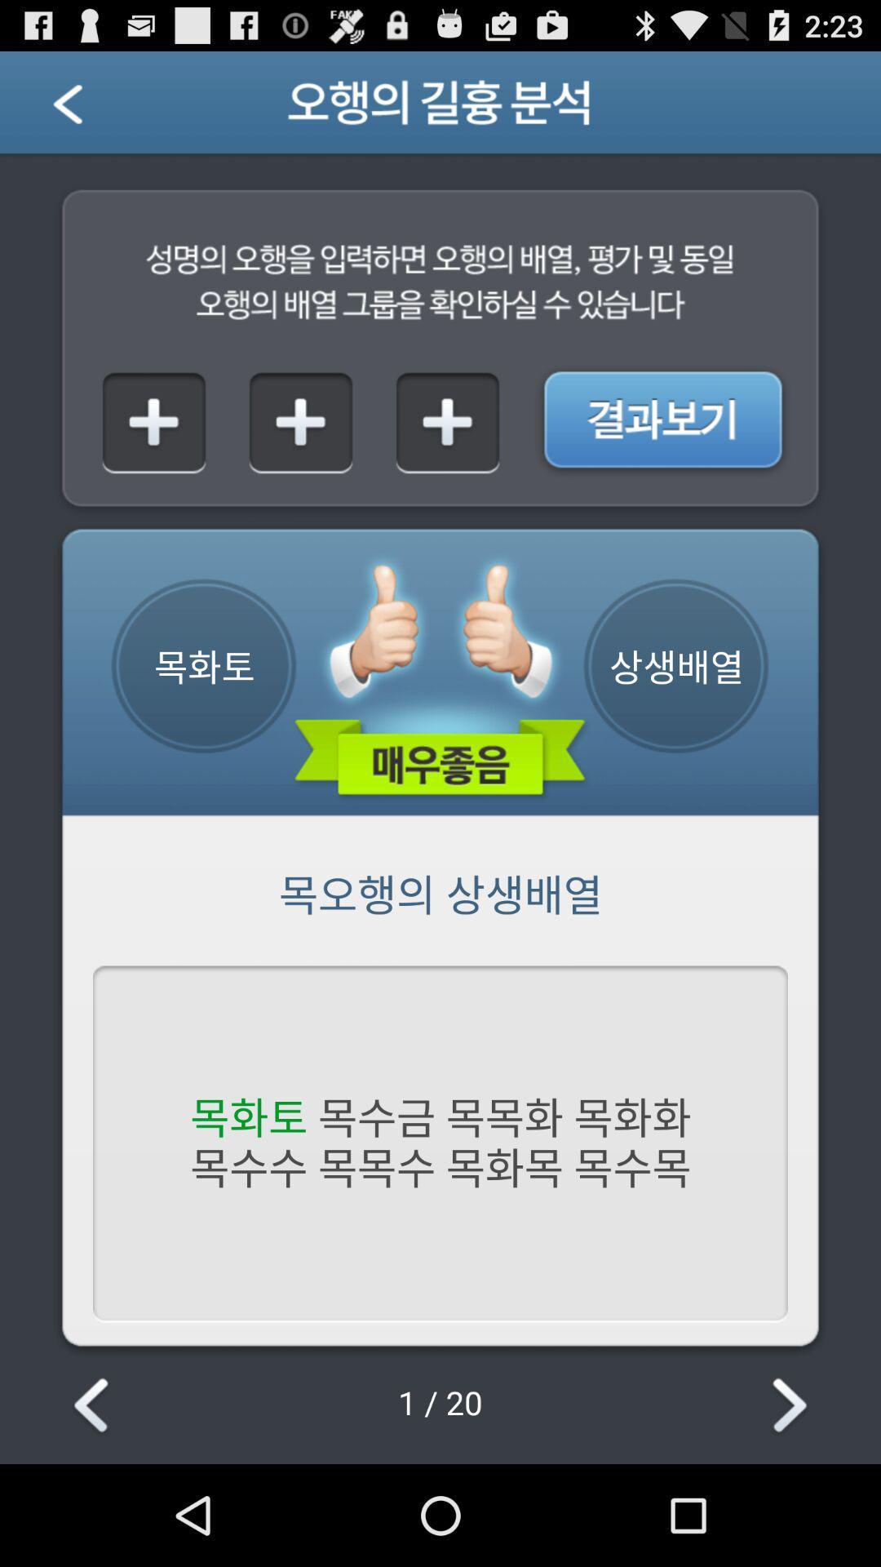 The width and height of the screenshot is (881, 1567). I want to click on go back, so click(88, 108).